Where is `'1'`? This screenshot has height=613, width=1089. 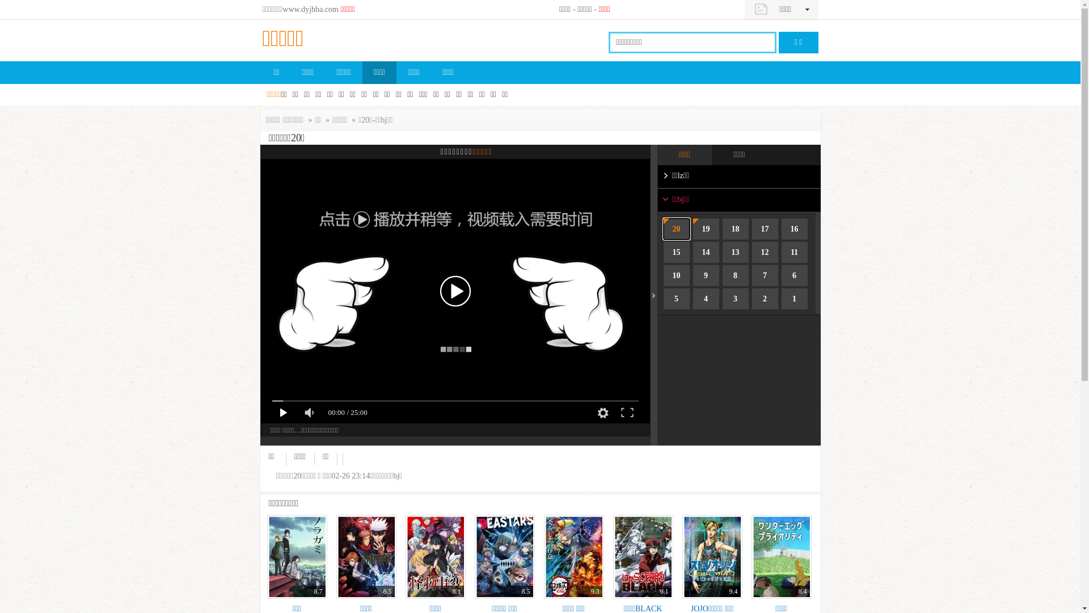
'1' is located at coordinates (794, 298).